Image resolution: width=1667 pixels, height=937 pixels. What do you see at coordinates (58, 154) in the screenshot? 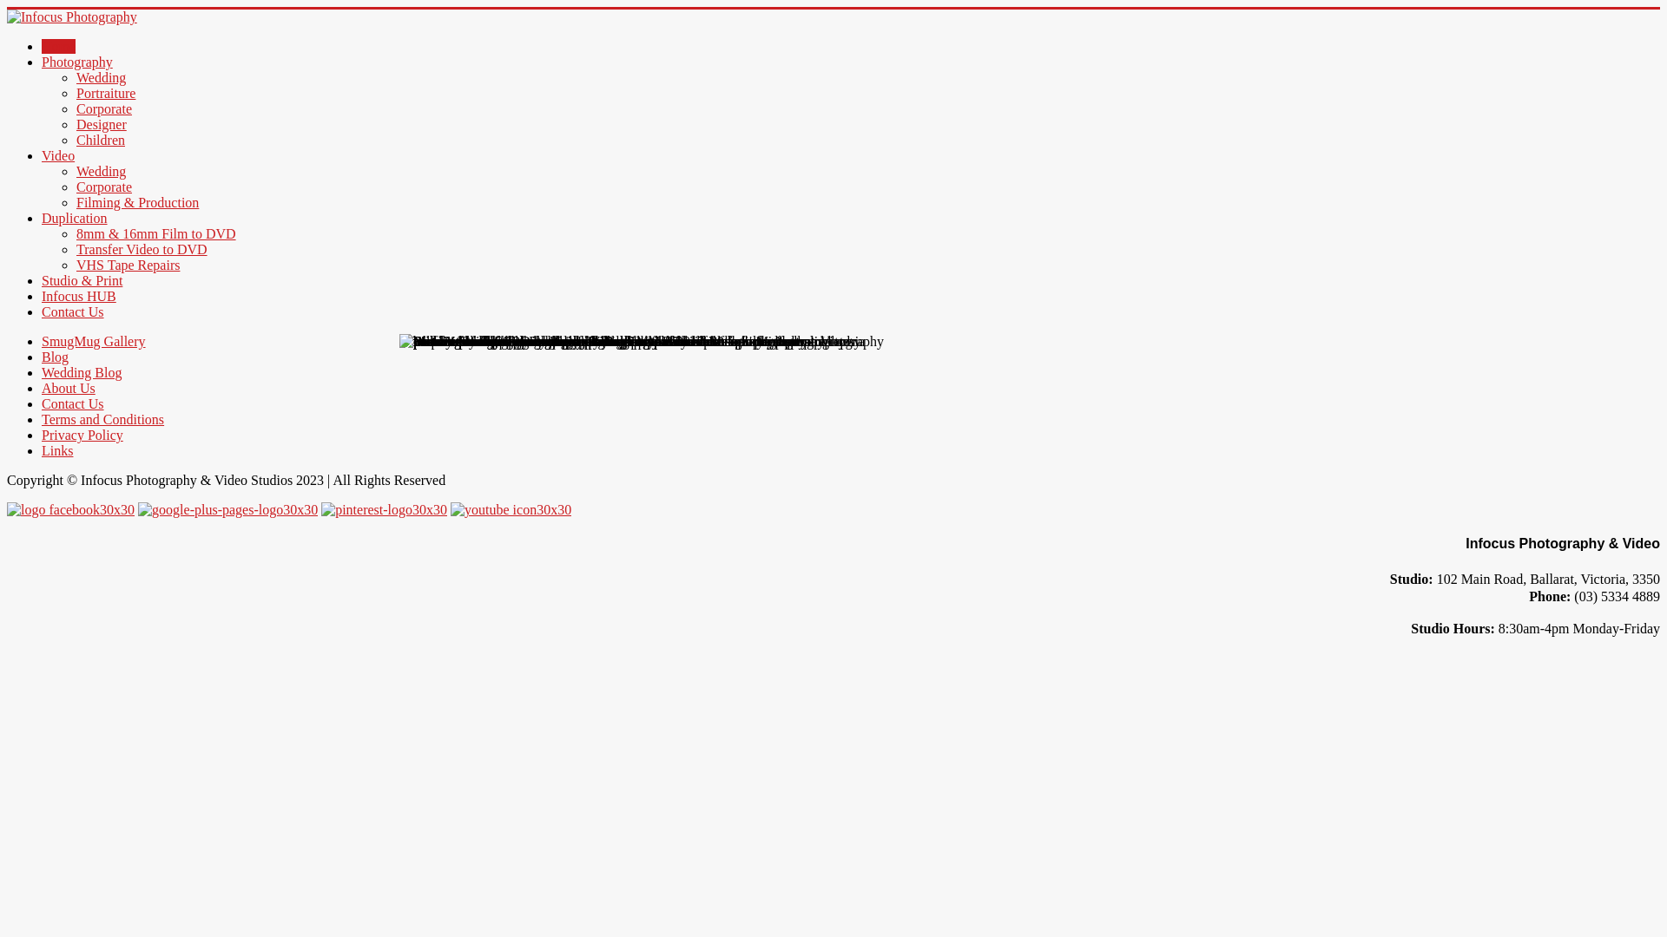
I see `'Video'` at bounding box center [58, 154].